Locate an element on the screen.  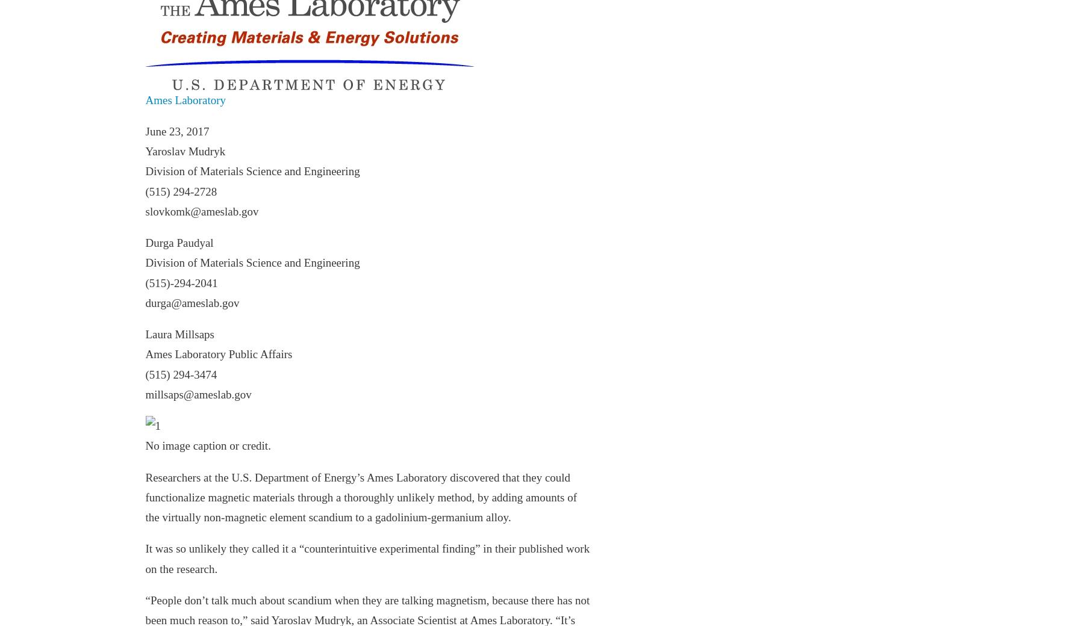
'Durga Paudyal' is located at coordinates (178, 243).